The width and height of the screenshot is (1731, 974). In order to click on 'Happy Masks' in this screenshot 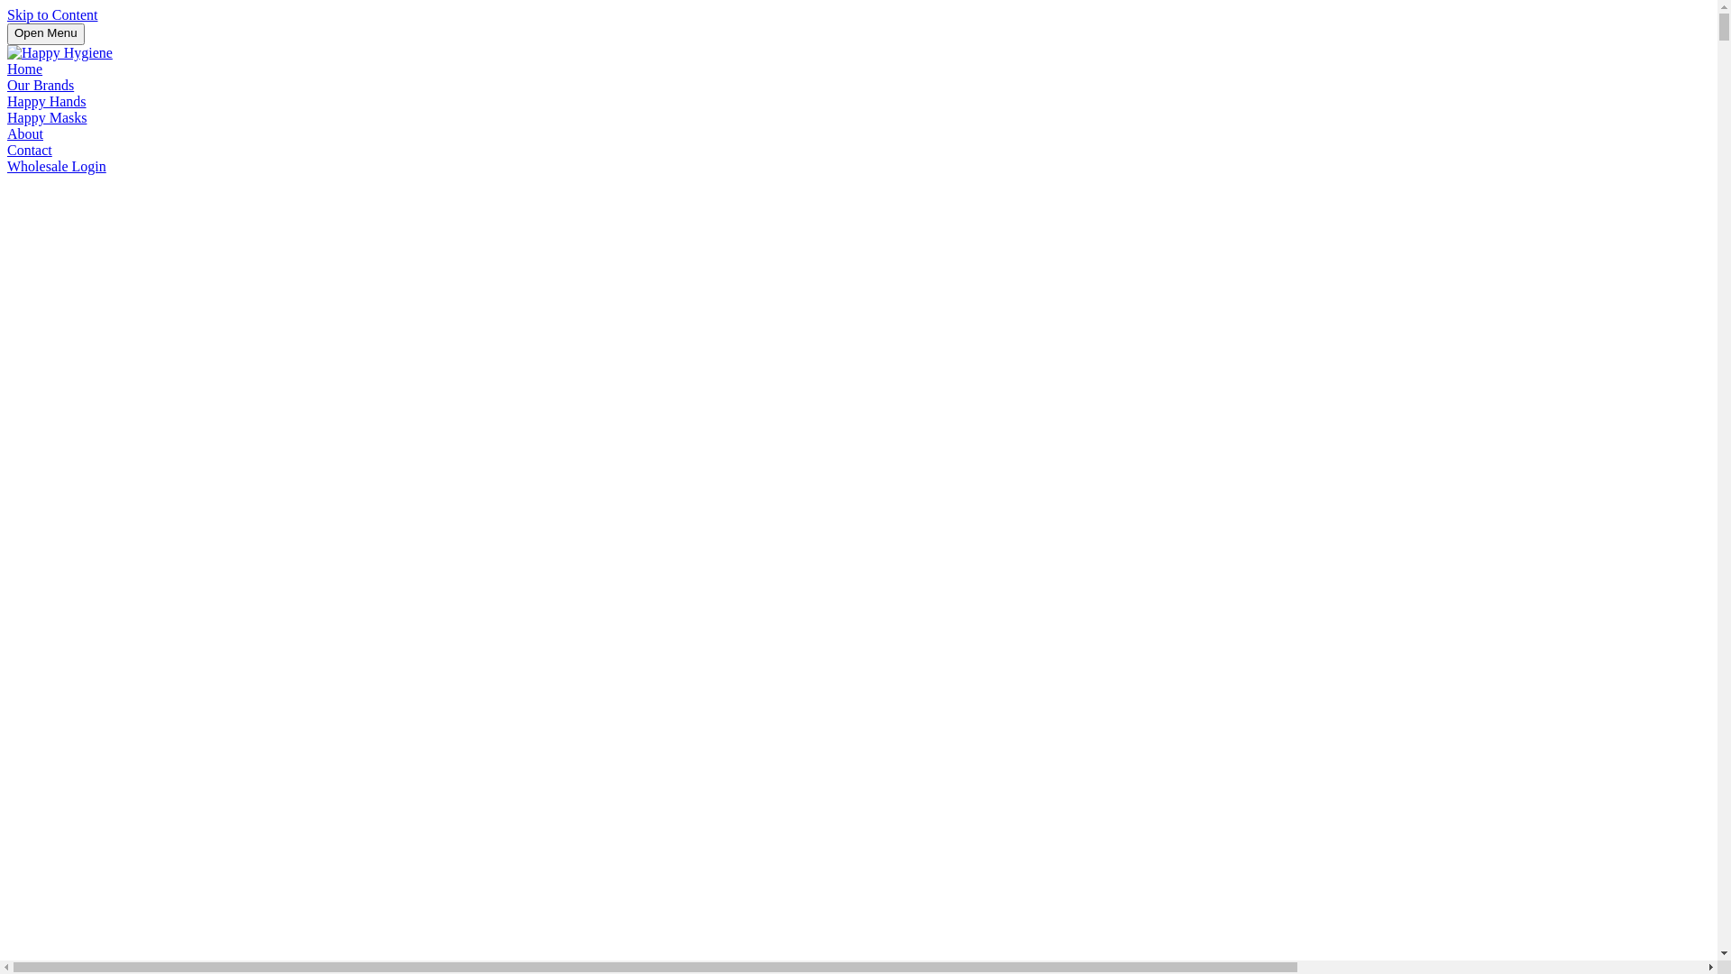, I will do `click(47, 117)`.